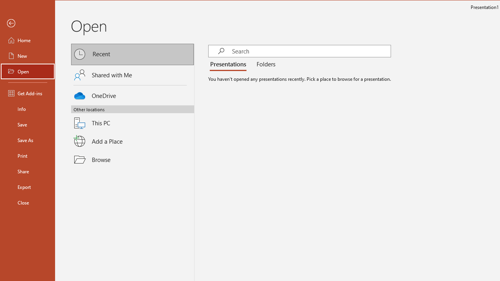  I want to click on 'This PC', so click(132, 118).